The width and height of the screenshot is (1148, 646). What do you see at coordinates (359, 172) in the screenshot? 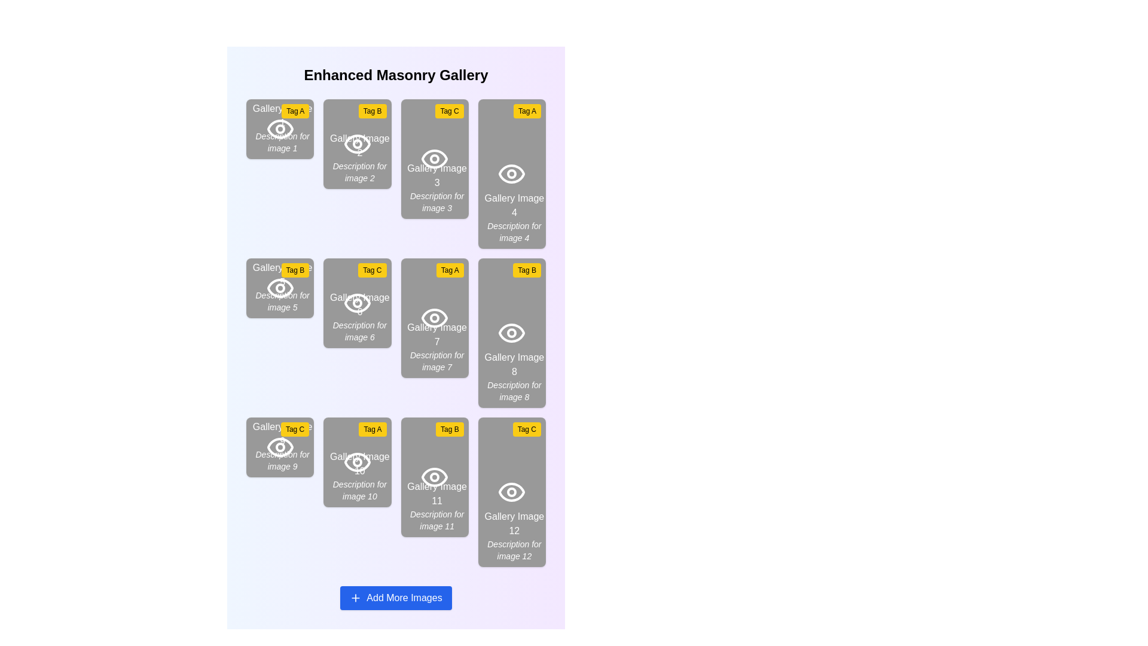
I see `the text label that provides metadata for 'Gallery Image 2', located centrally beneath it in the second column, first row of the gallery grid` at bounding box center [359, 172].